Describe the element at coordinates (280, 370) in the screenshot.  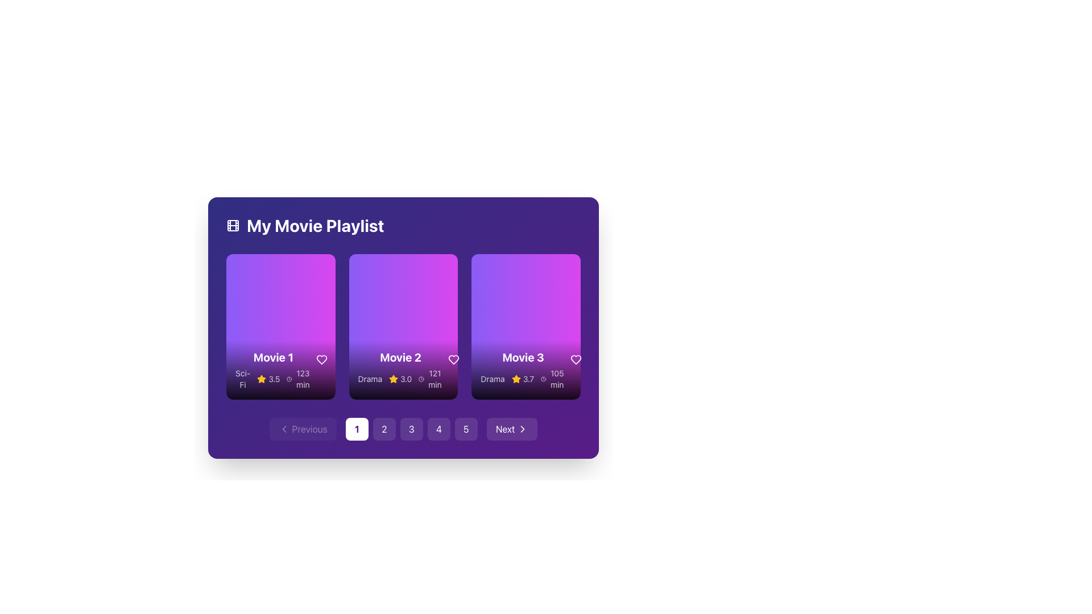
I see `the text and icon overlay at the bottom of the card representing 'Movie 1' to interact with nearby elements` at that location.